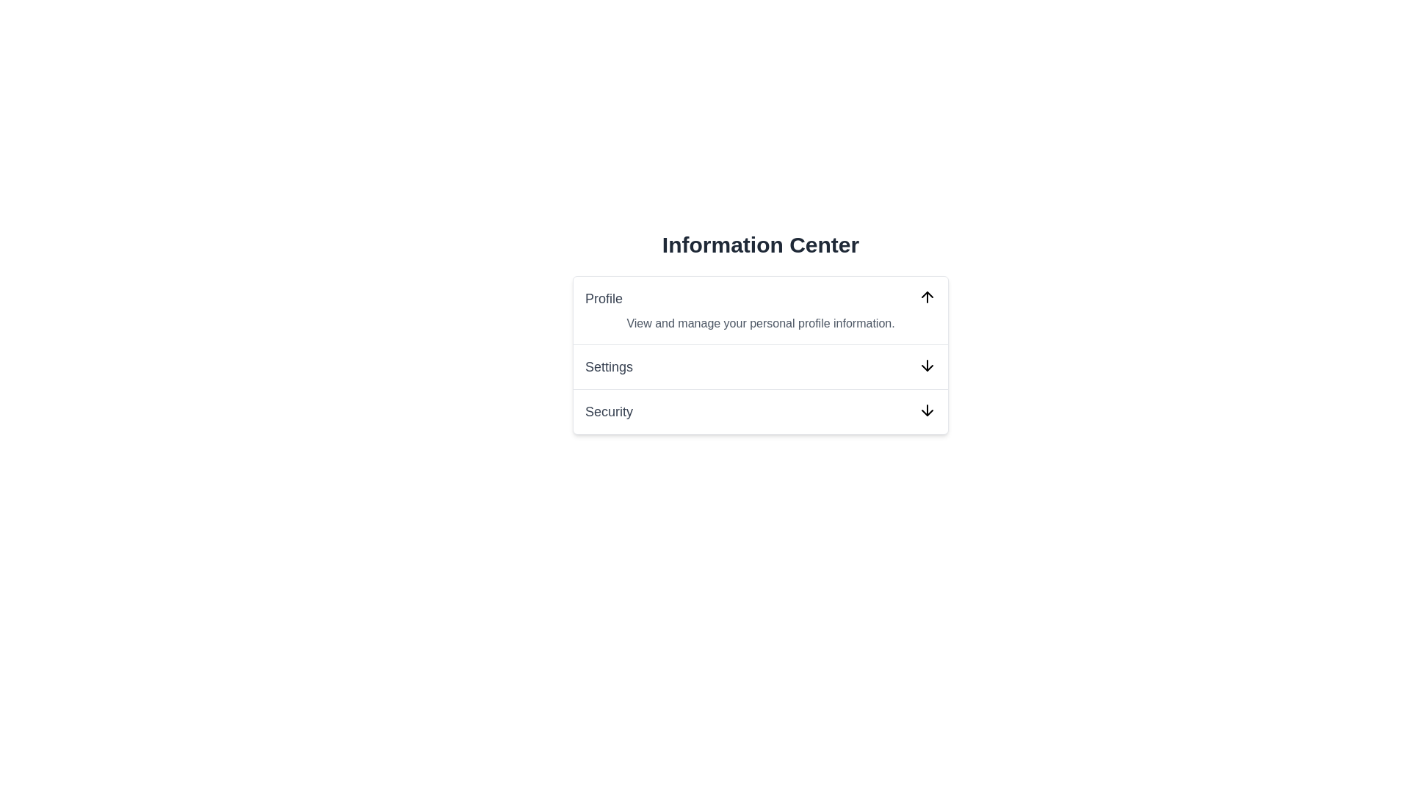  Describe the element at coordinates (926, 297) in the screenshot. I see `the upward-pointing arrow icon next to the 'Profile' label` at that location.